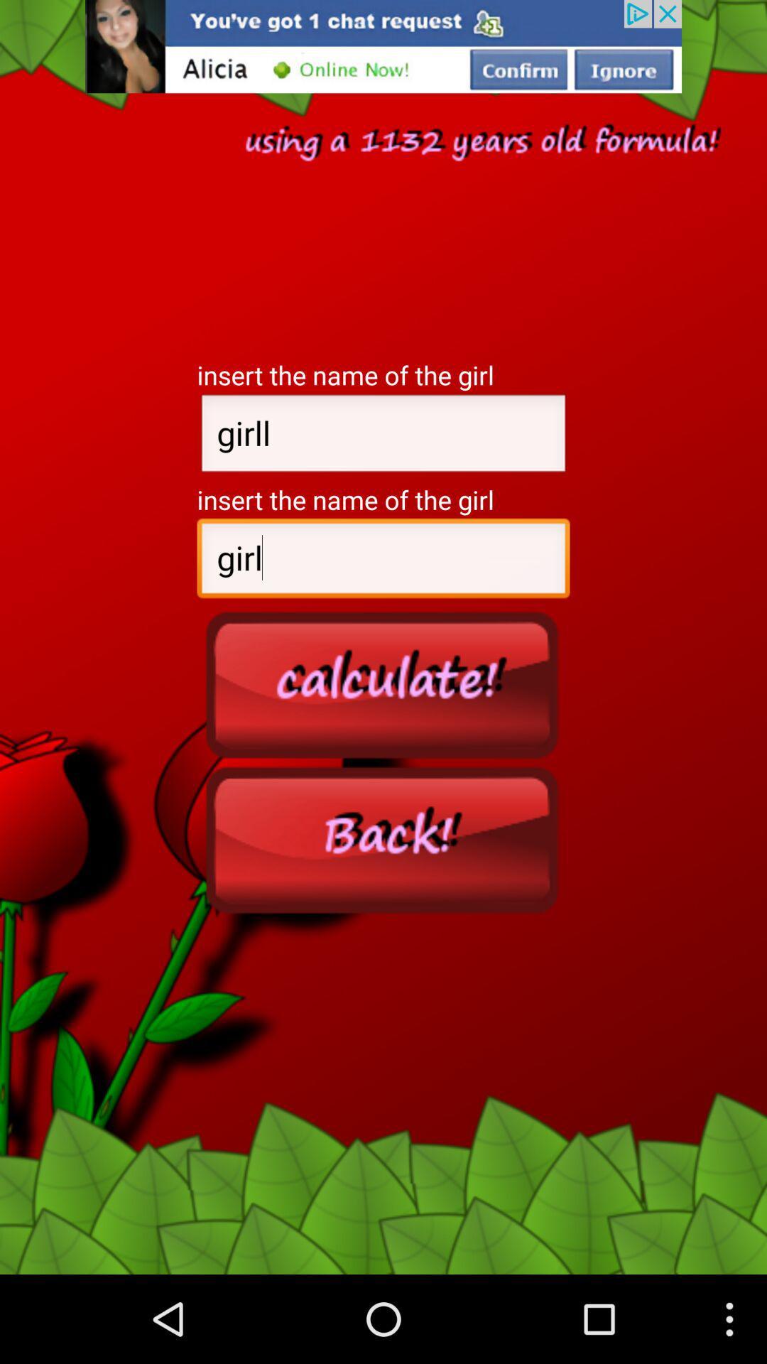 This screenshot has width=767, height=1364. I want to click on pop-up advertisement, so click(383, 46).